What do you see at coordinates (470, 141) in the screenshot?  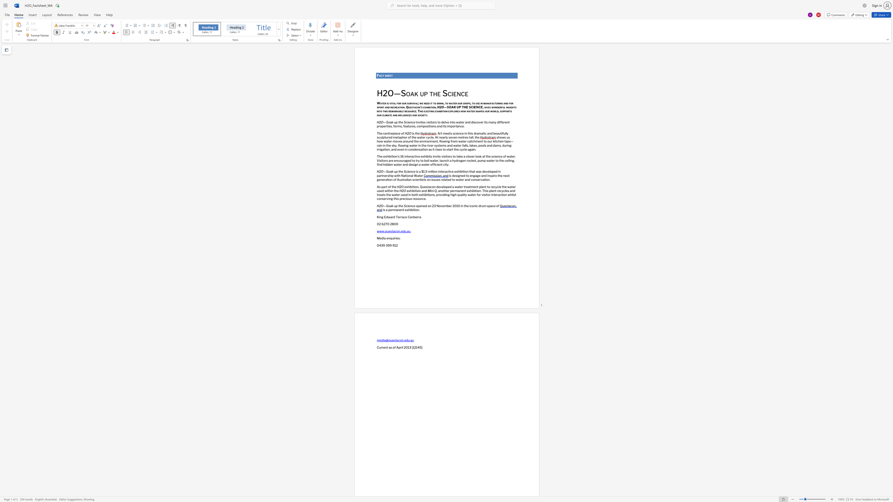 I see `the subset text "tchme" within the text "shows us how water moves around the environment, flowing from water catchment to our kitchen taps"` at bounding box center [470, 141].